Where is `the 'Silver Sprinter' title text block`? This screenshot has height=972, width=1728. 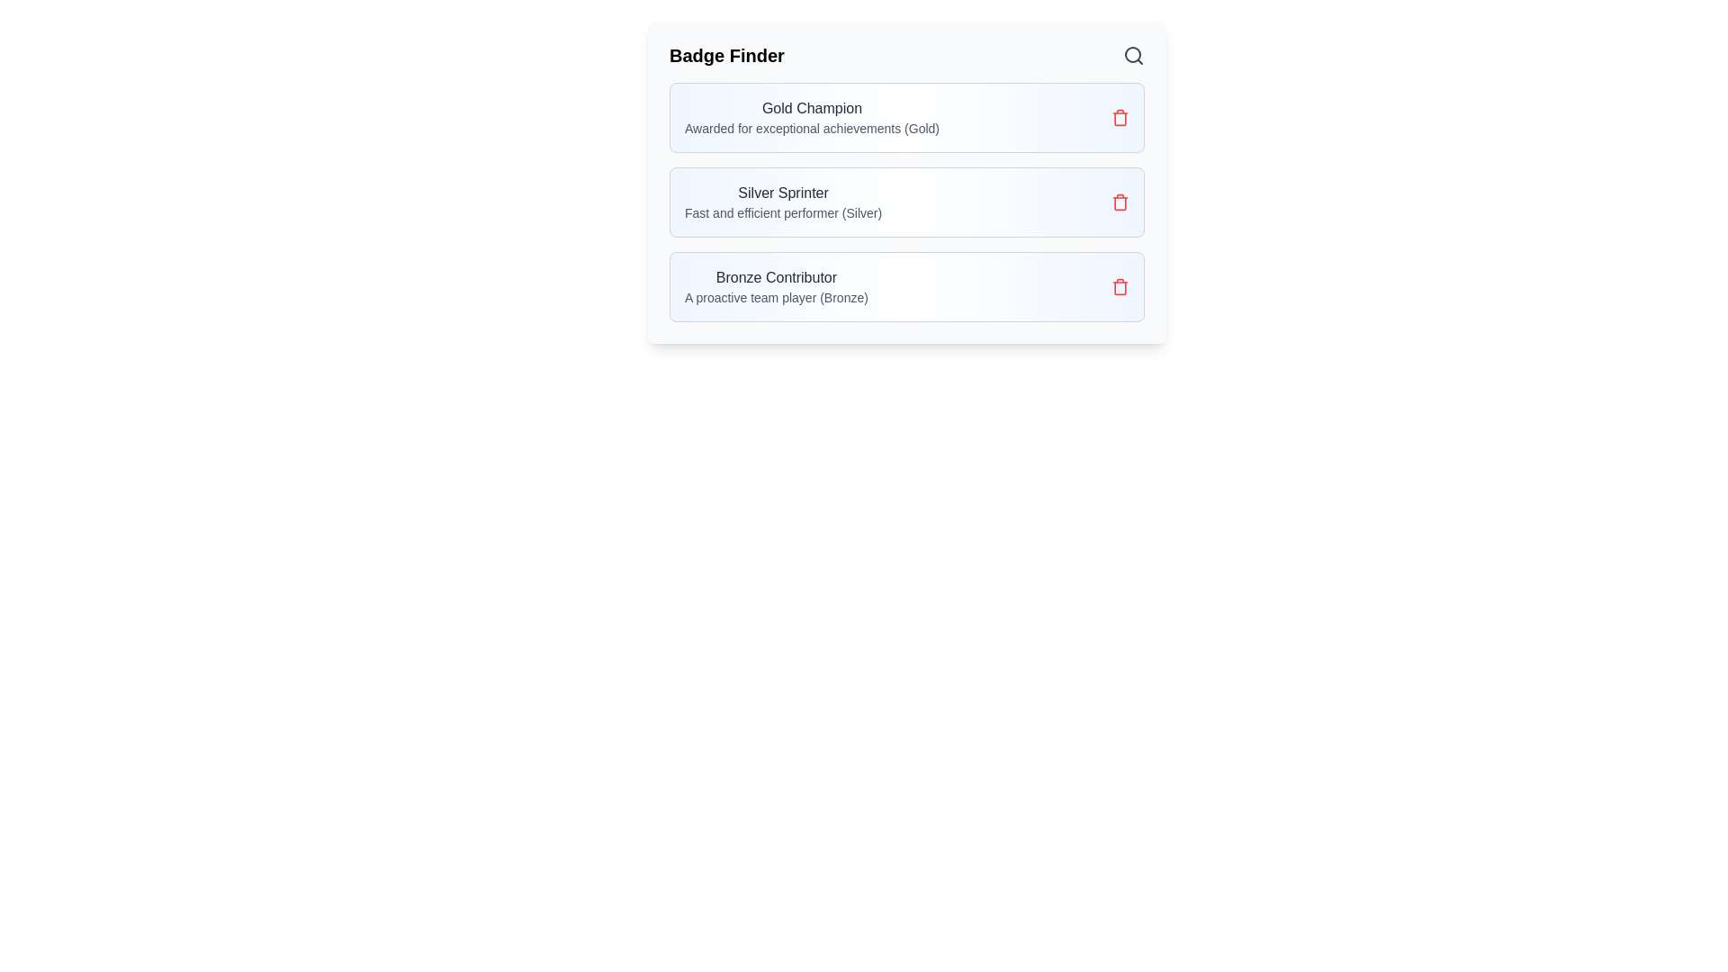 the 'Silver Sprinter' title text block is located at coordinates (783, 193).